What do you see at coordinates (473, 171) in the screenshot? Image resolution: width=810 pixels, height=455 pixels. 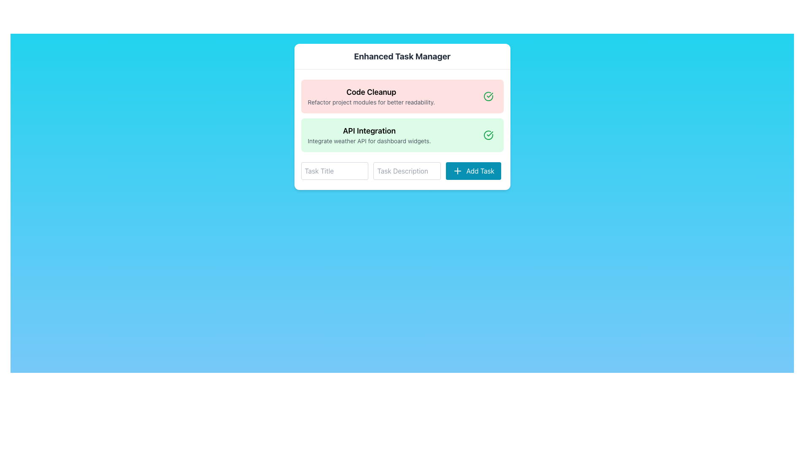 I see `the 'Add Task' button located at the bottom of the centered panel, to the right of the 'Task Description' input field` at bounding box center [473, 171].